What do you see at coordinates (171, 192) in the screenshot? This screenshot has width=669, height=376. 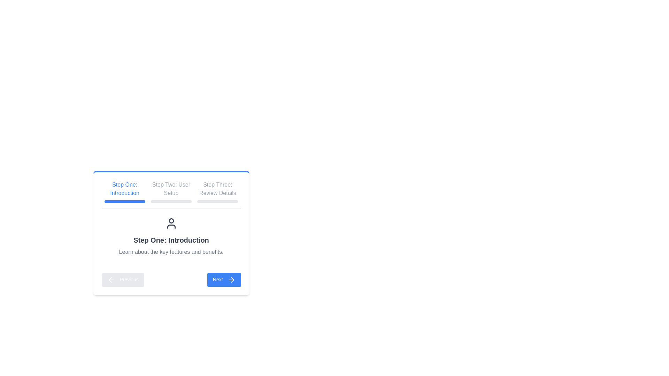 I see `the second step indicator label that shows the current or upcoming step in the process` at bounding box center [171, 192].